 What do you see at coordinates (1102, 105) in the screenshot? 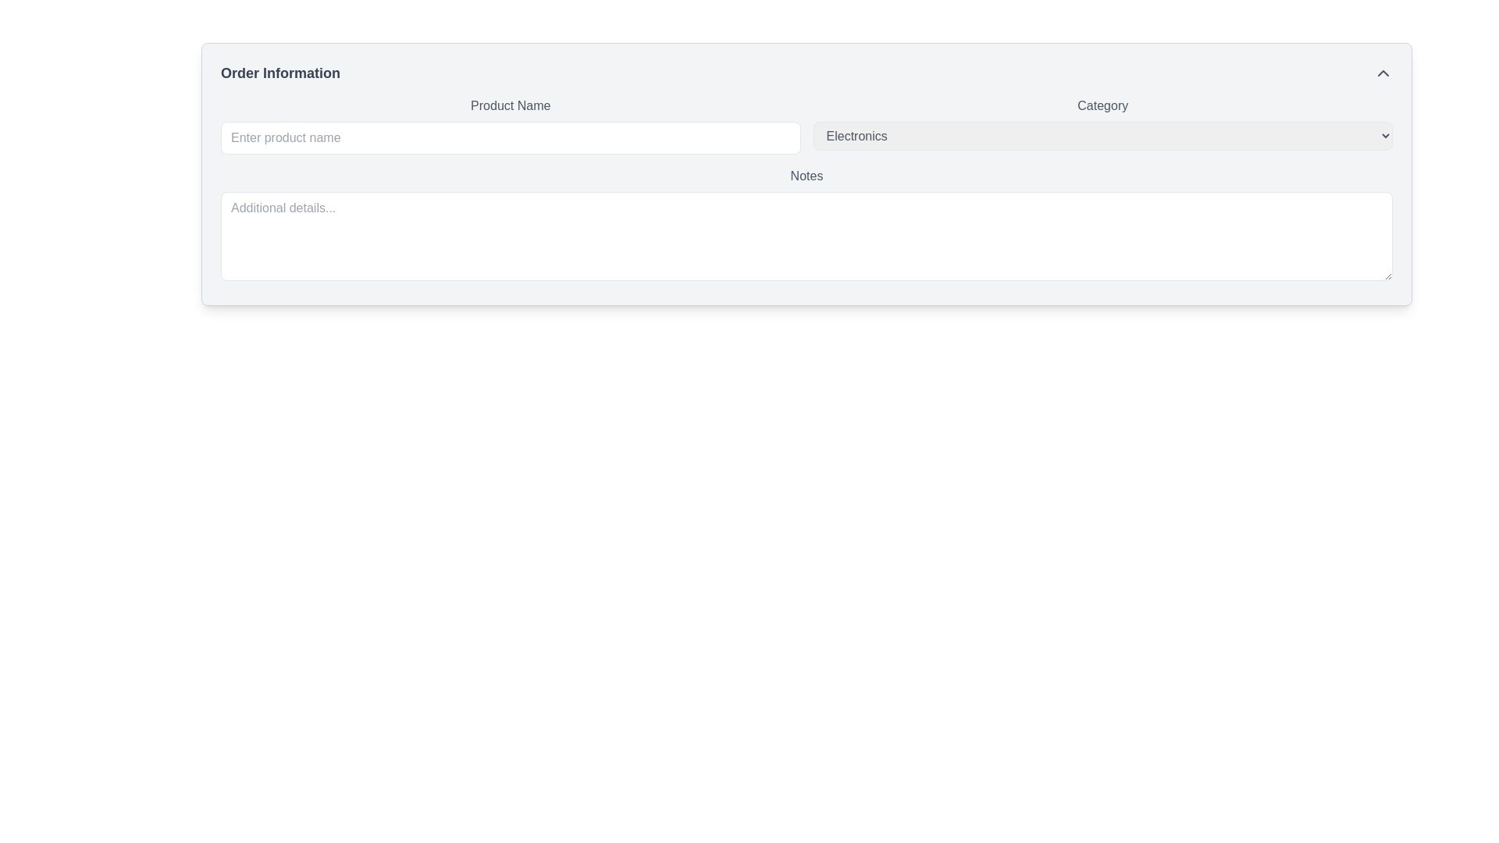
I see `the text label indicating the purpose of the adjacent dropdown for 'Electronics' in the 'Order Information' section` at bounding box center [1102, 105].